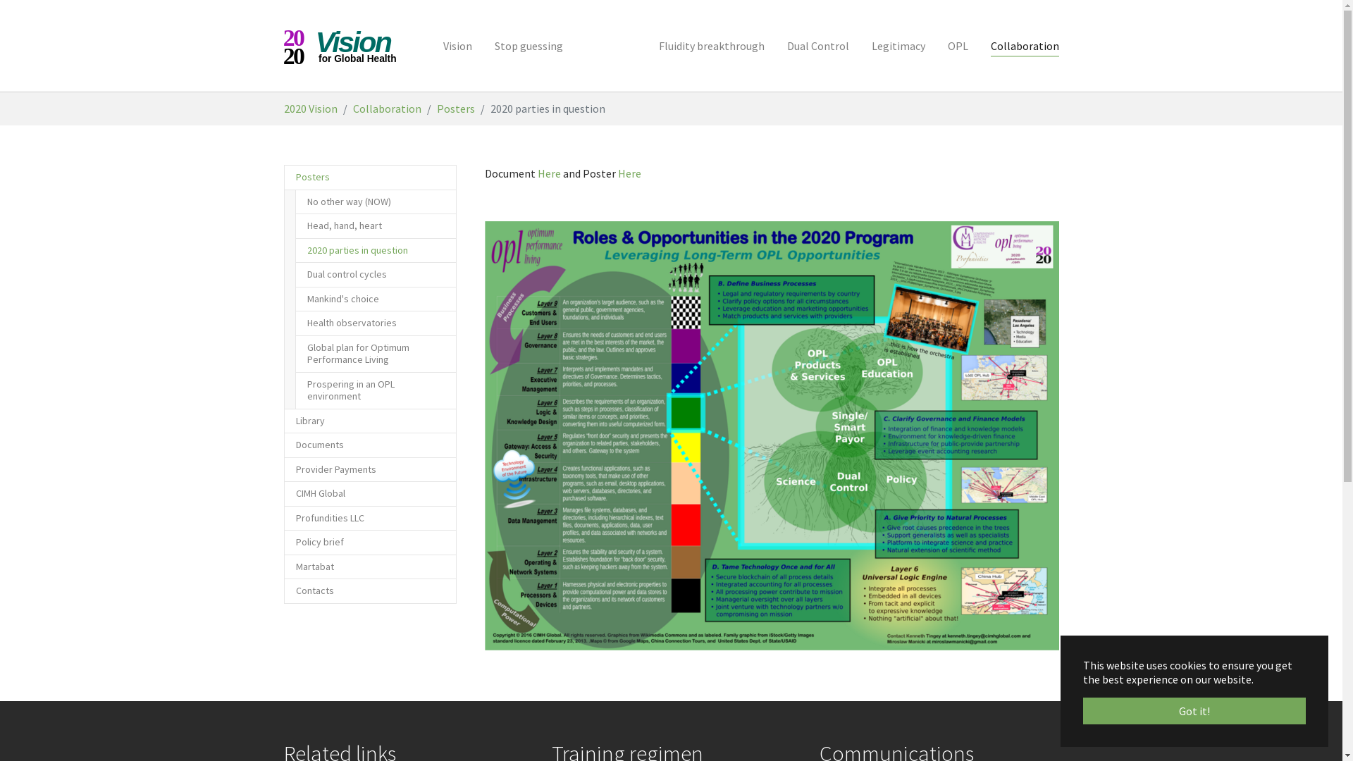  I want to click on 'Dual Control', so click(817, 45).